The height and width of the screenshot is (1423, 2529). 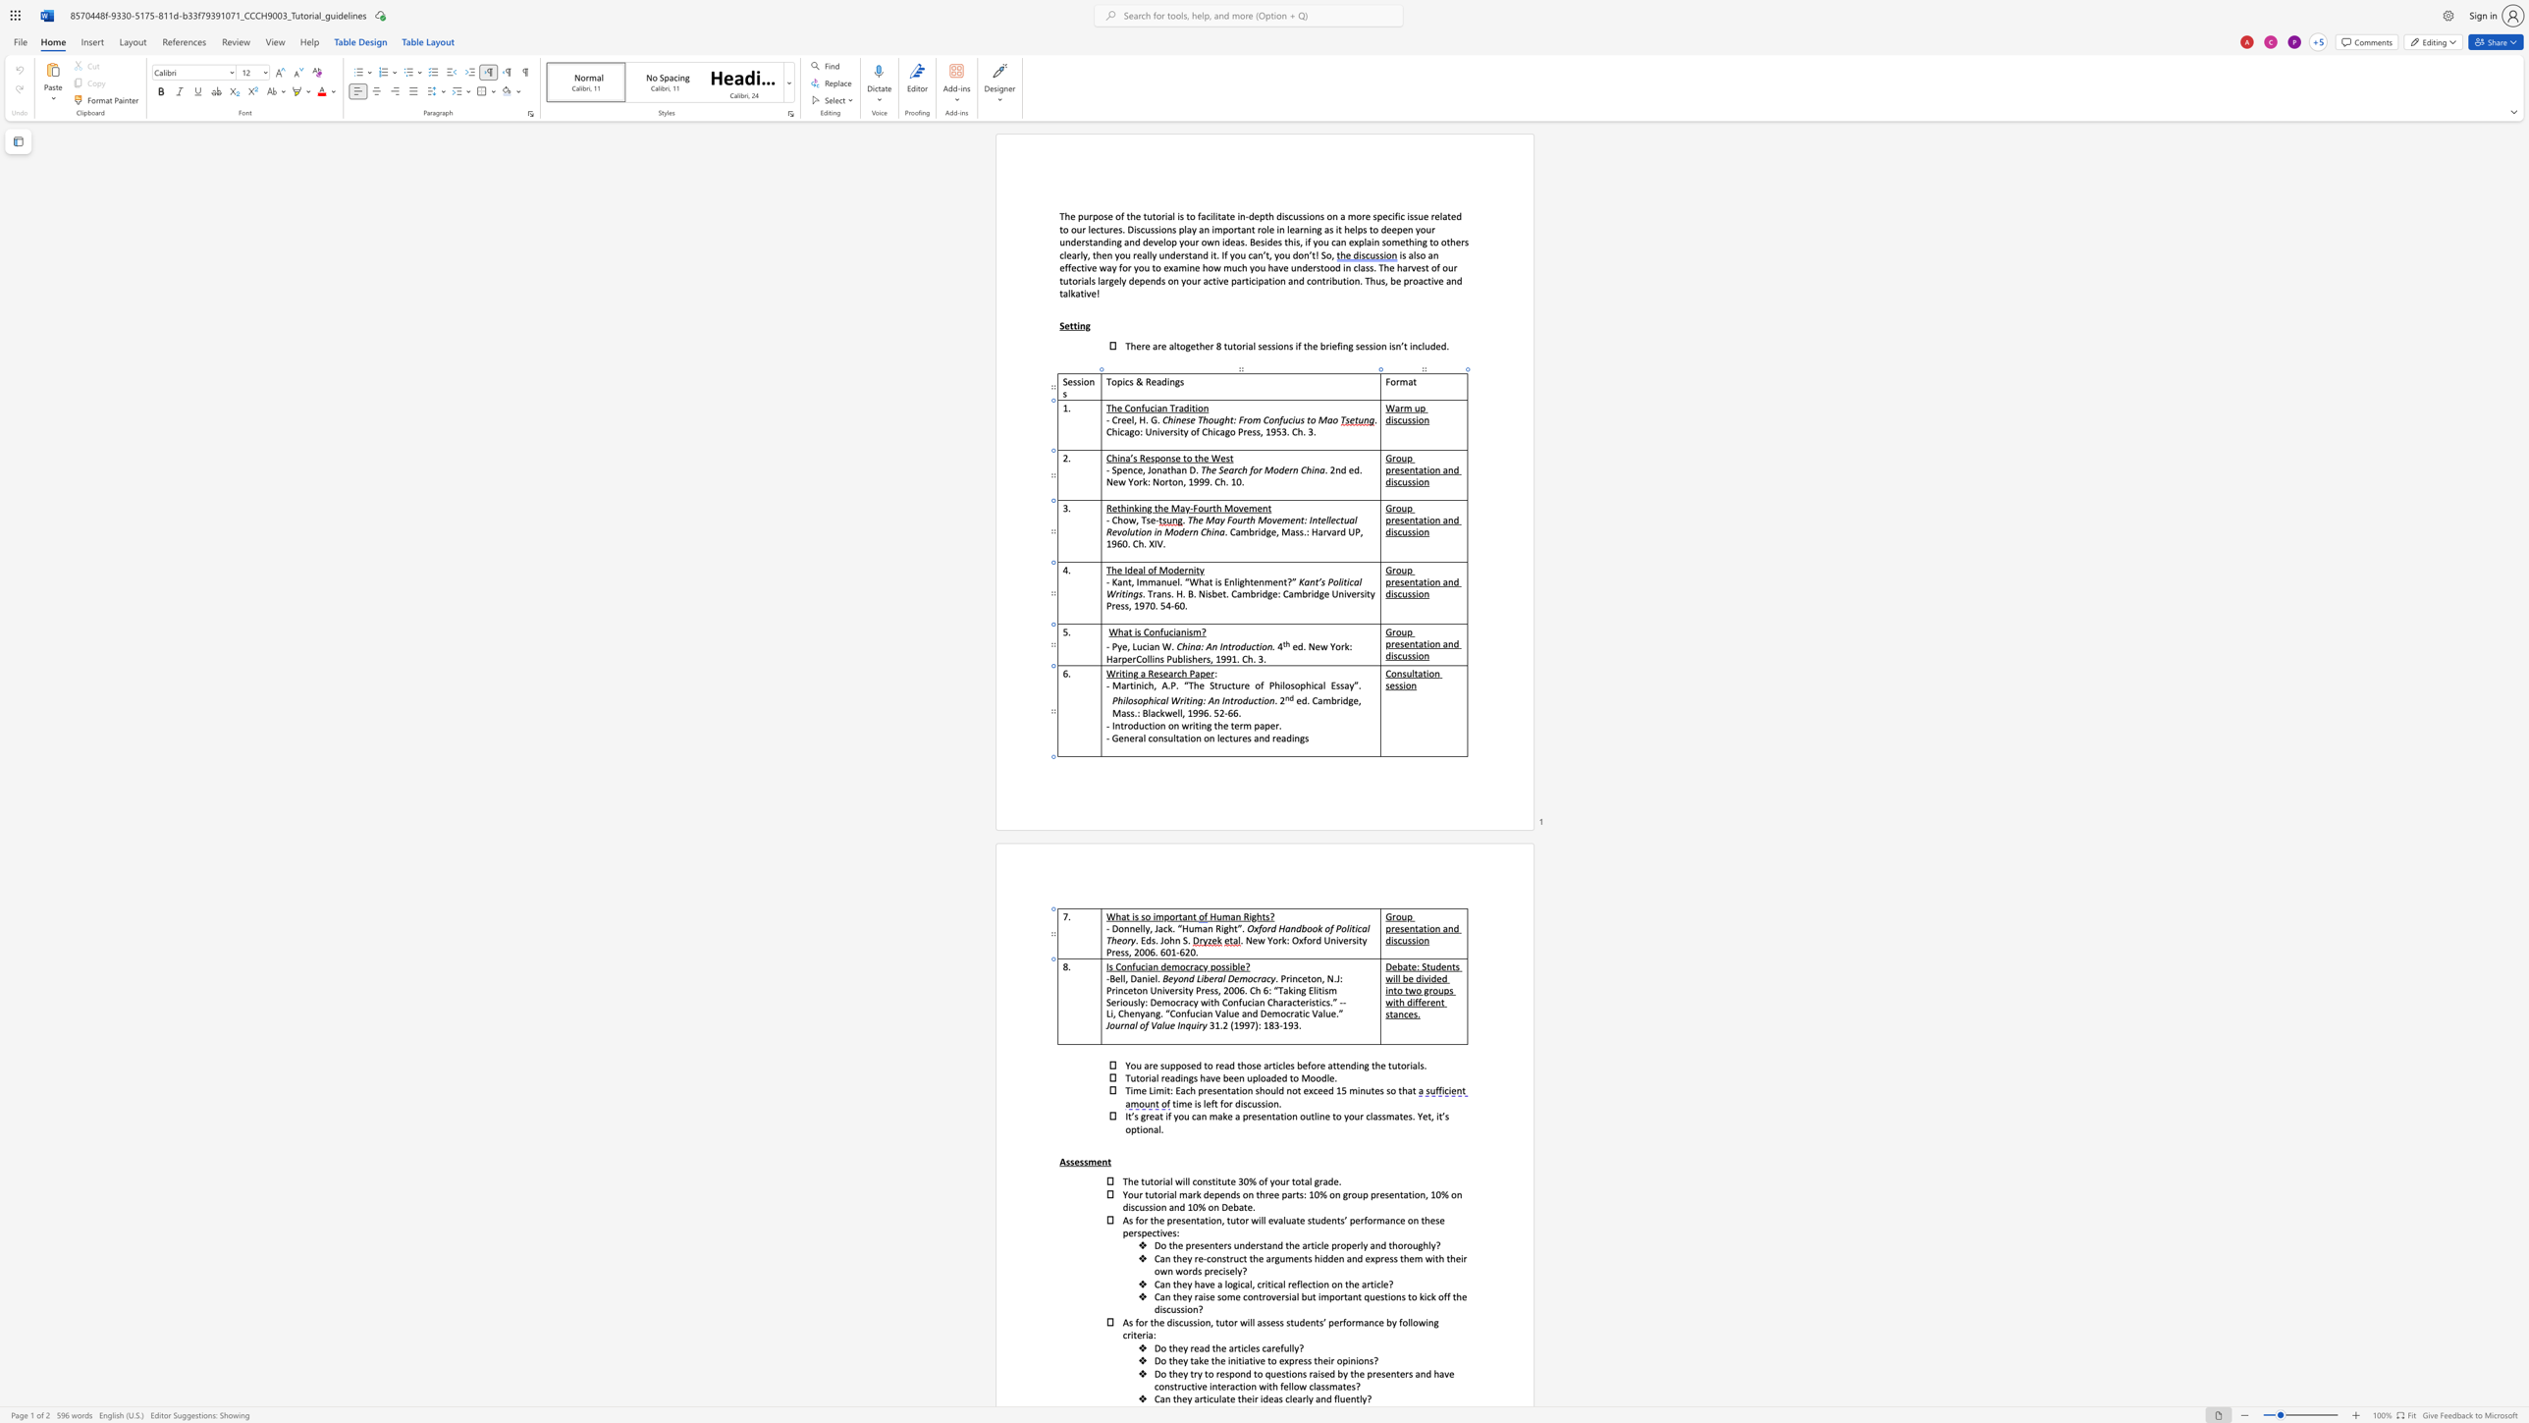 What do you see at coordinates (1174, 939) in the screenshot?
I see `the space between the continuous character "h" and "n" in the text` at bounding box center [1174, 939].